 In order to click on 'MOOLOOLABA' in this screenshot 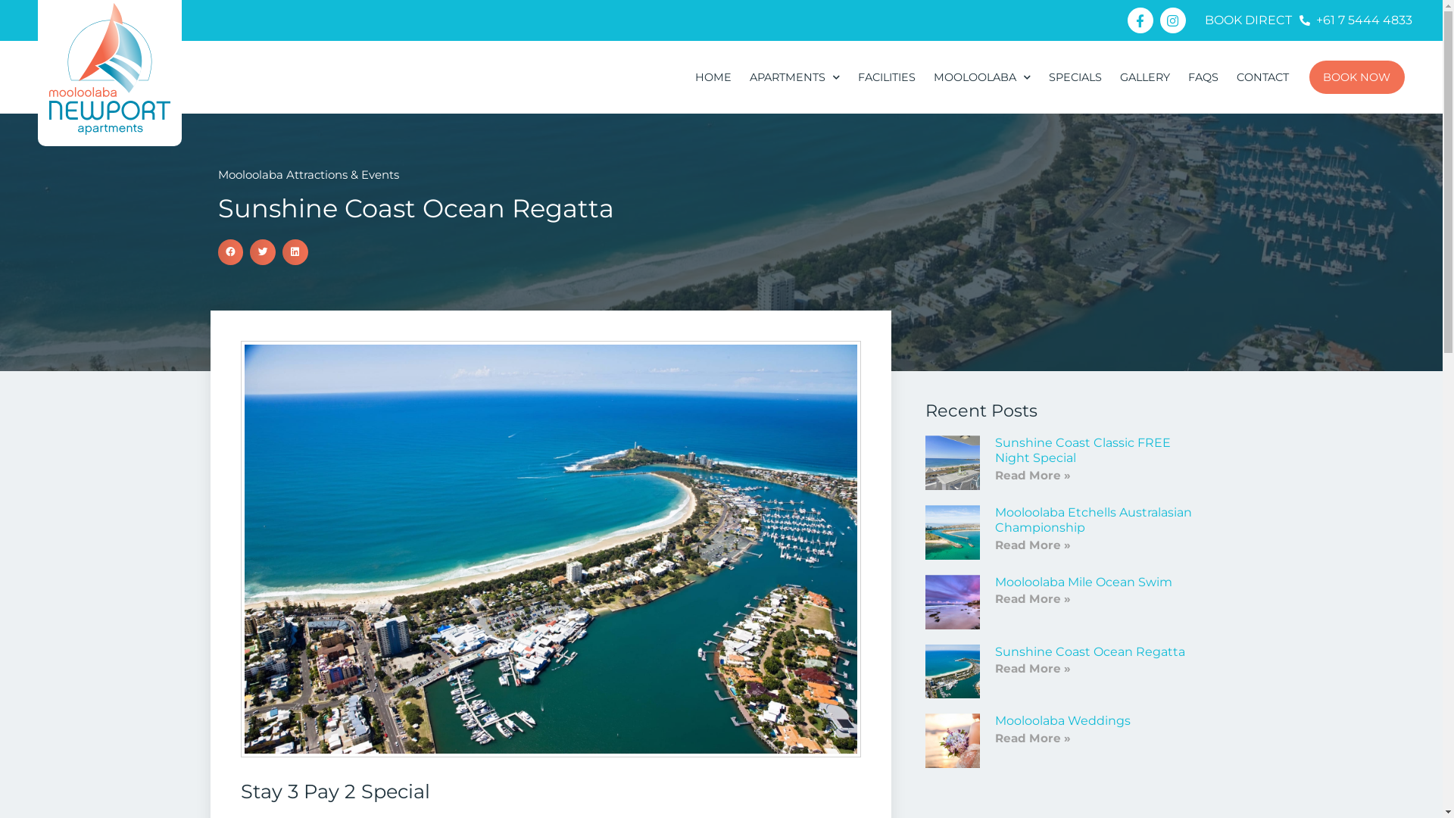, I will do `click(981, 76)`.